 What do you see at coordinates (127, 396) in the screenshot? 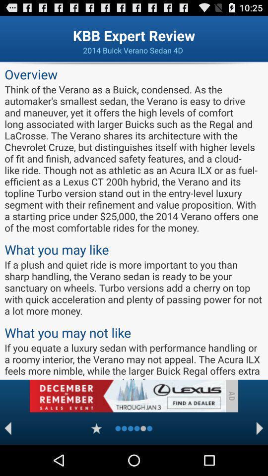
I see `for add` at bounding box center [127, 396].